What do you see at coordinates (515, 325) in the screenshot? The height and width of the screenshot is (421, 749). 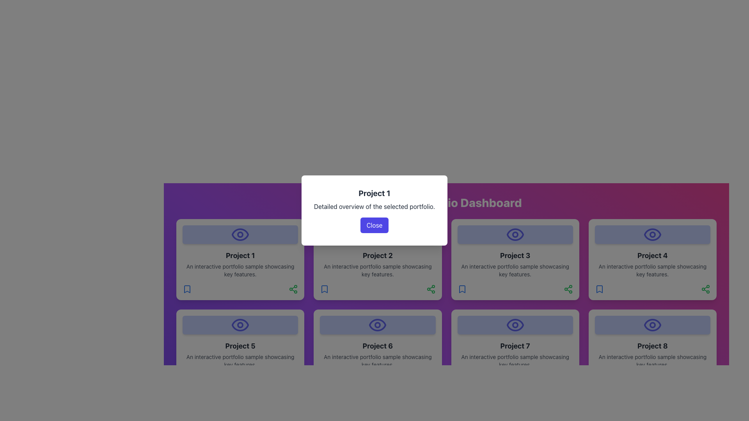 I see `the blue outlined eye icon indicating visibility feature located in the second column, second row of the grid layout under the 'Project 7' card` at bounding box center [515, 325].